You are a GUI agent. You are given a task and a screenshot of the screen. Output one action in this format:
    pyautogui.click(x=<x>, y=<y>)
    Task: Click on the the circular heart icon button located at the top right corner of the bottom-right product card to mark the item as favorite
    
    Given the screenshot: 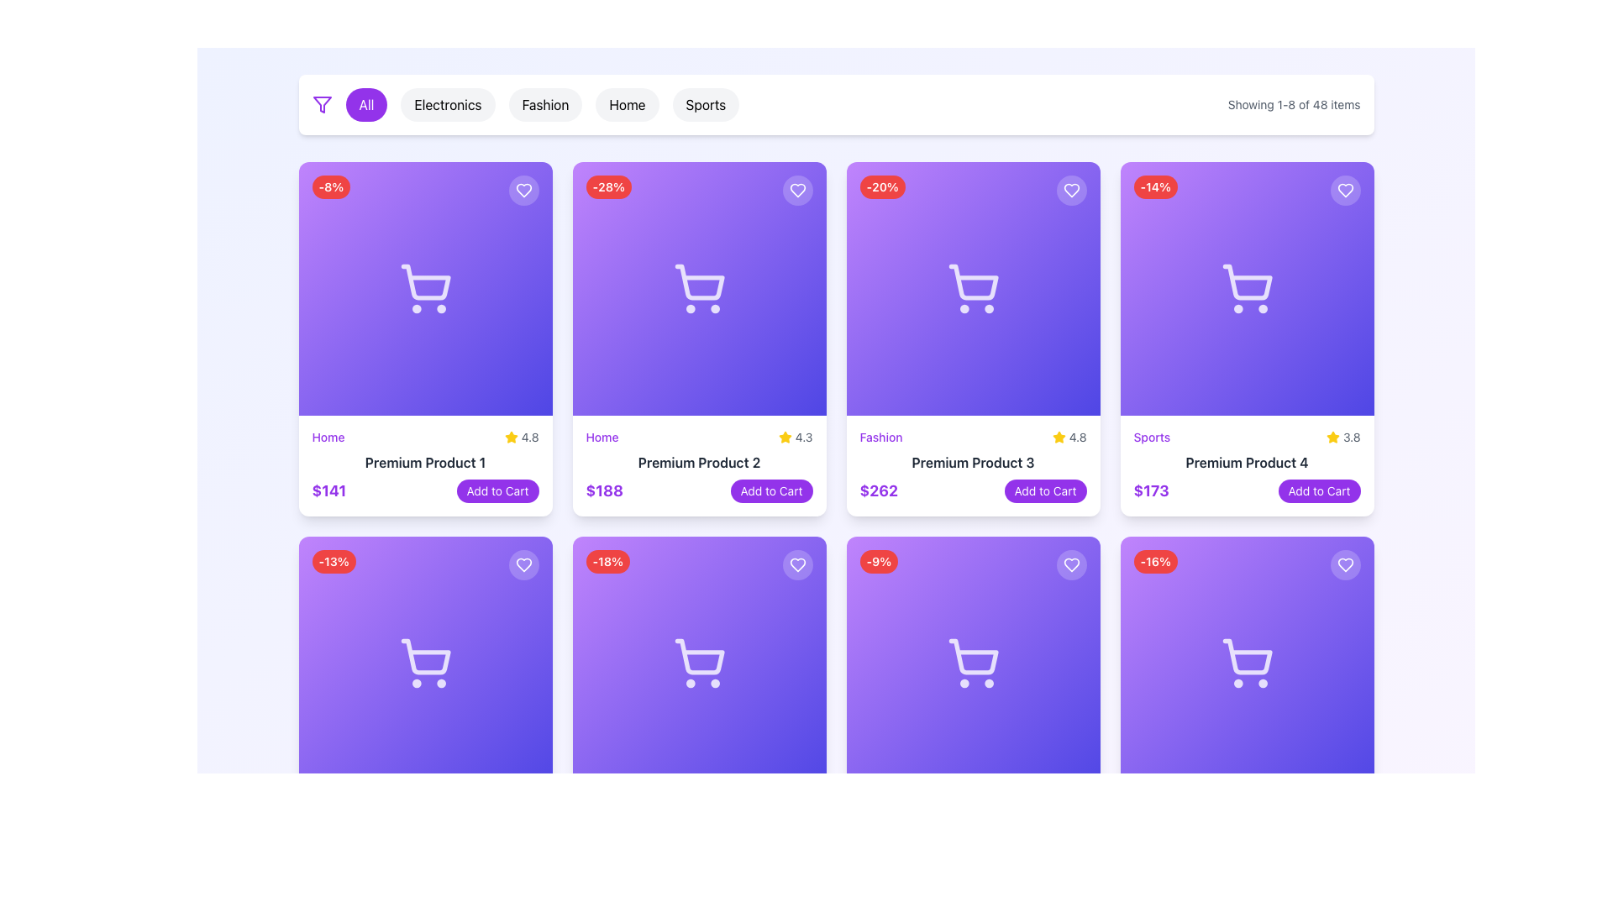 What is the action you would take?
    pyautogui.click(x=1345, y=564)
    